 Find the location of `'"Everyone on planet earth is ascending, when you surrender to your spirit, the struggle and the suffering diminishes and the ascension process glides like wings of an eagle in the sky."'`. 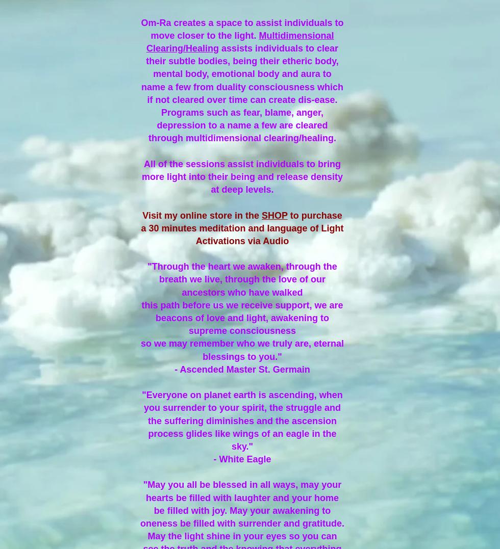

'"Everyone on planet earth is ascending, when you surrender to your spirit, the struggle and the suffering diminishes and the ascension process glides like wings of an eagle in the sky."' is located at coordinates (242, 420).